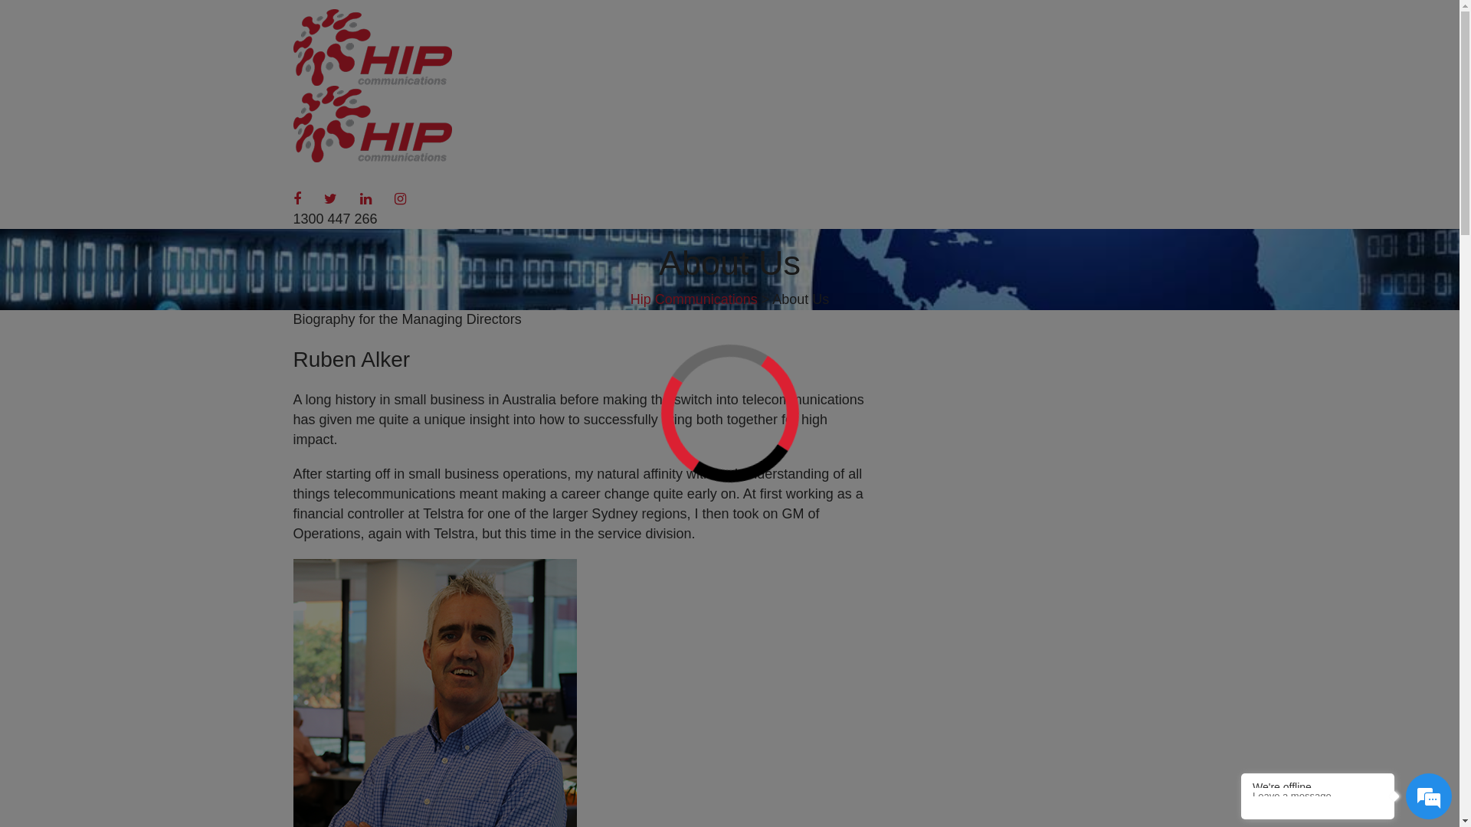  Describe the element at coordinates (693, 299) in the screenshot. I see `'Hip Communications'` at that location.